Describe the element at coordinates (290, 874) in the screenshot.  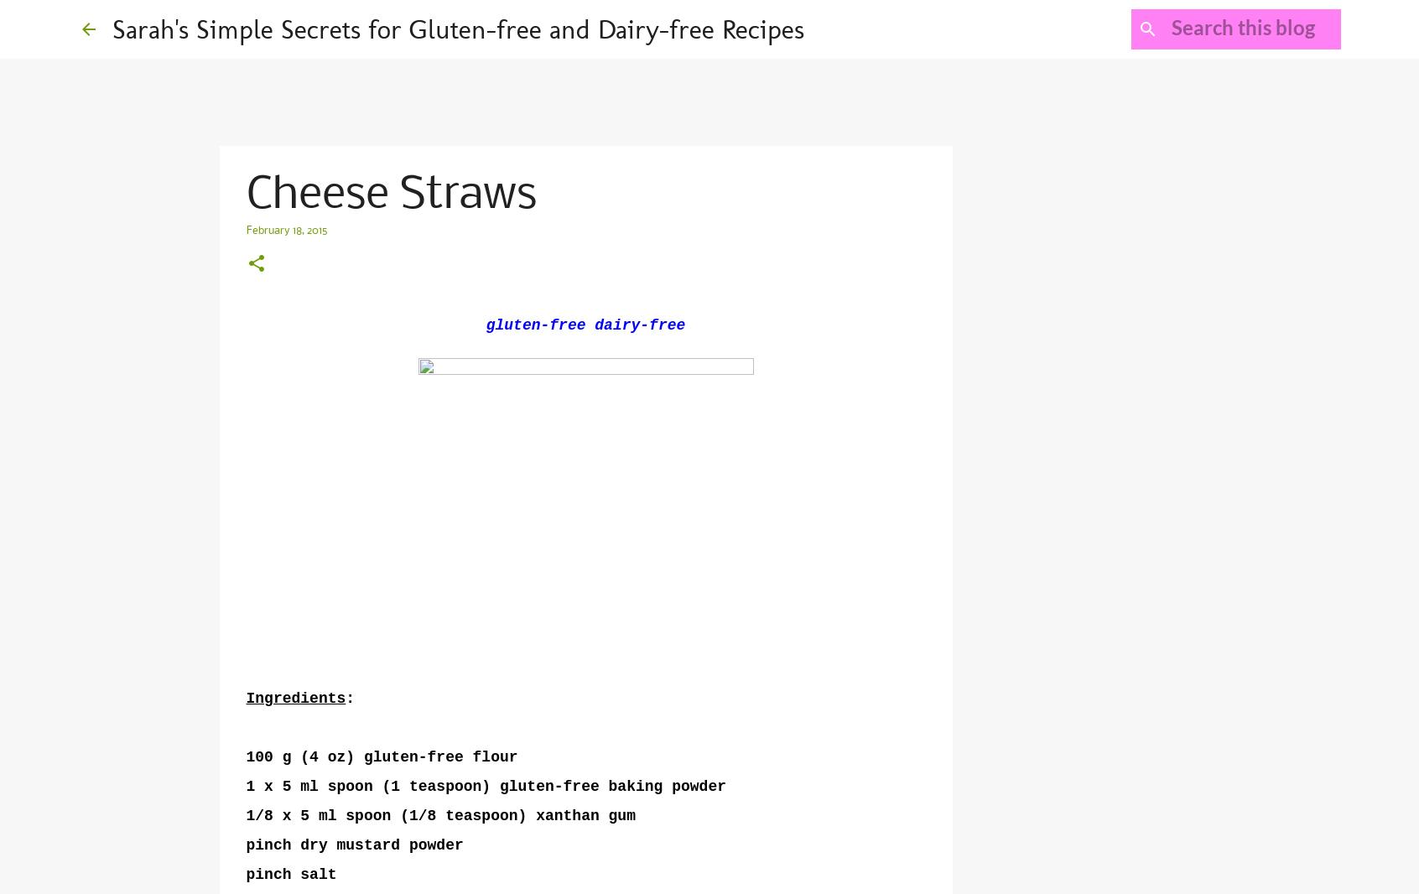
I see `'pinch salt'` at that location.